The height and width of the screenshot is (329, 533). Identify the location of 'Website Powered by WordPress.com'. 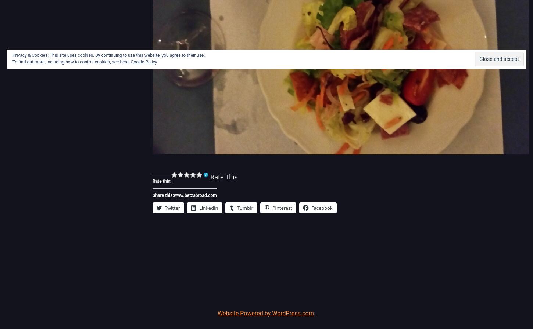
(218, 313).